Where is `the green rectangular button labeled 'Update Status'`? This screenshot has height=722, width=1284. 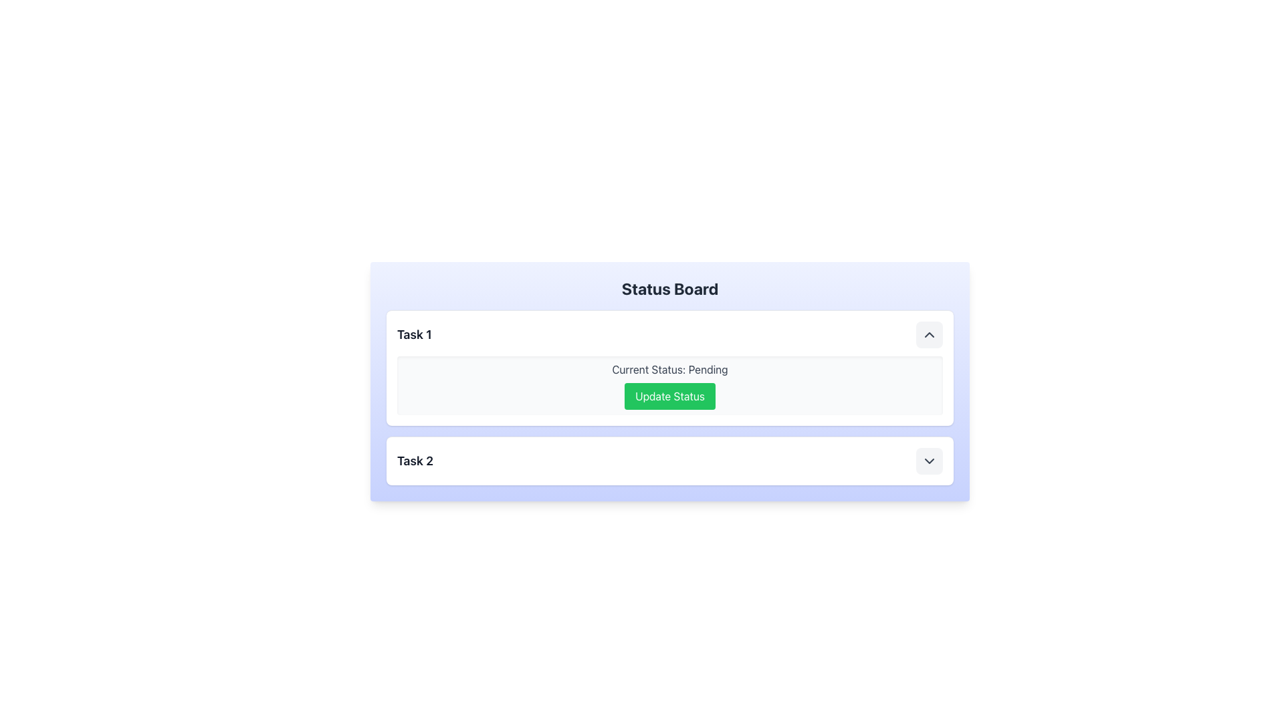 the green rectangular button labeled 'Update Status' is located at coordinates (670, 396).